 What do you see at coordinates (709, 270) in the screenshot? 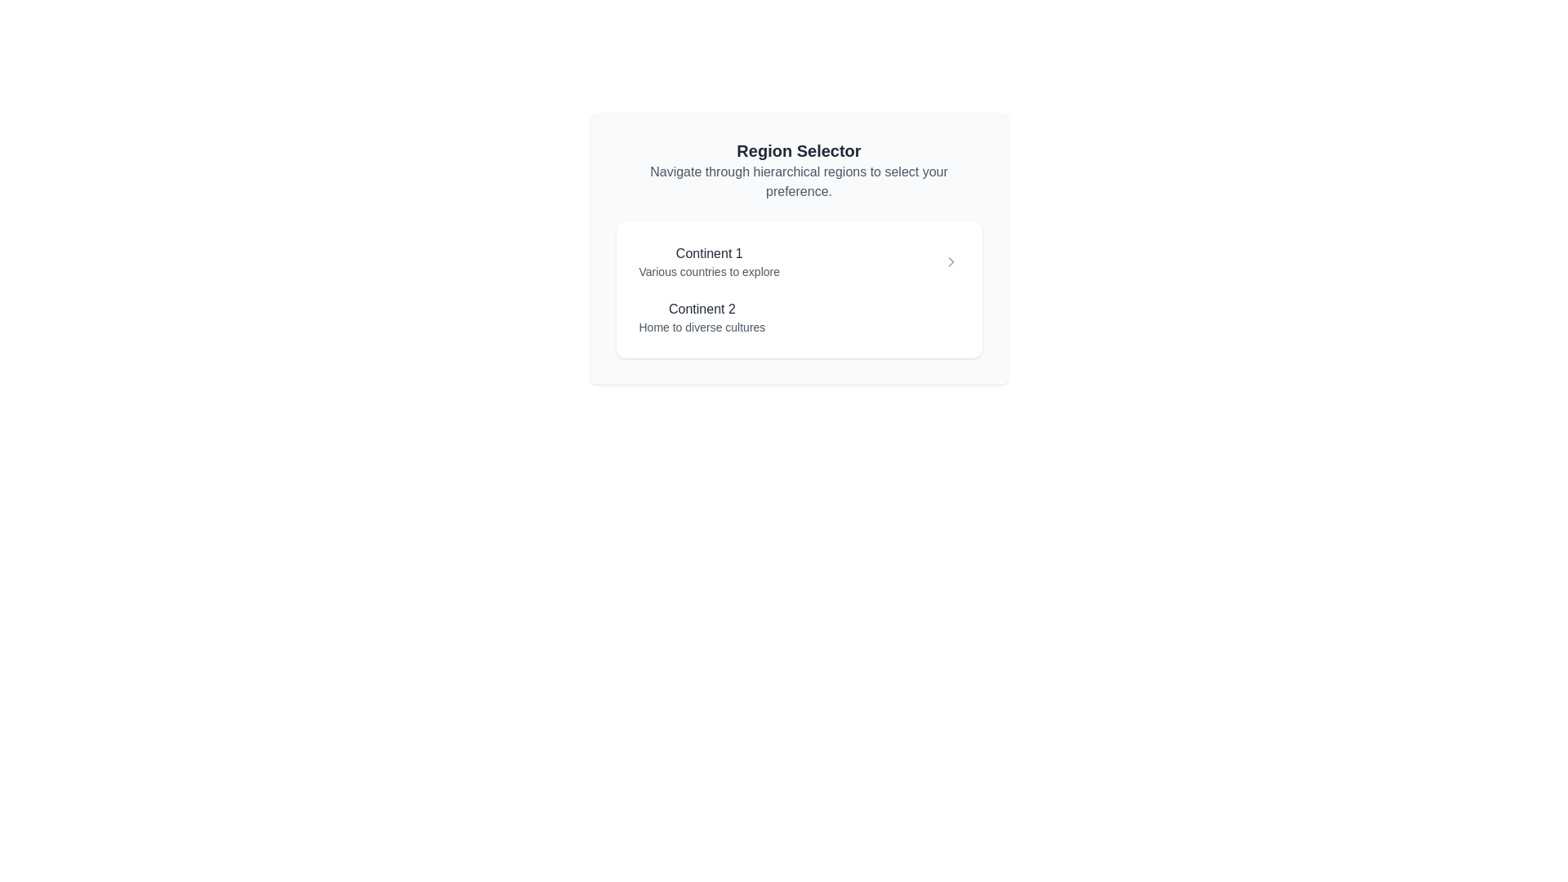
I see `the text label displaying 'Various countries` at bounding box center [709, 270].